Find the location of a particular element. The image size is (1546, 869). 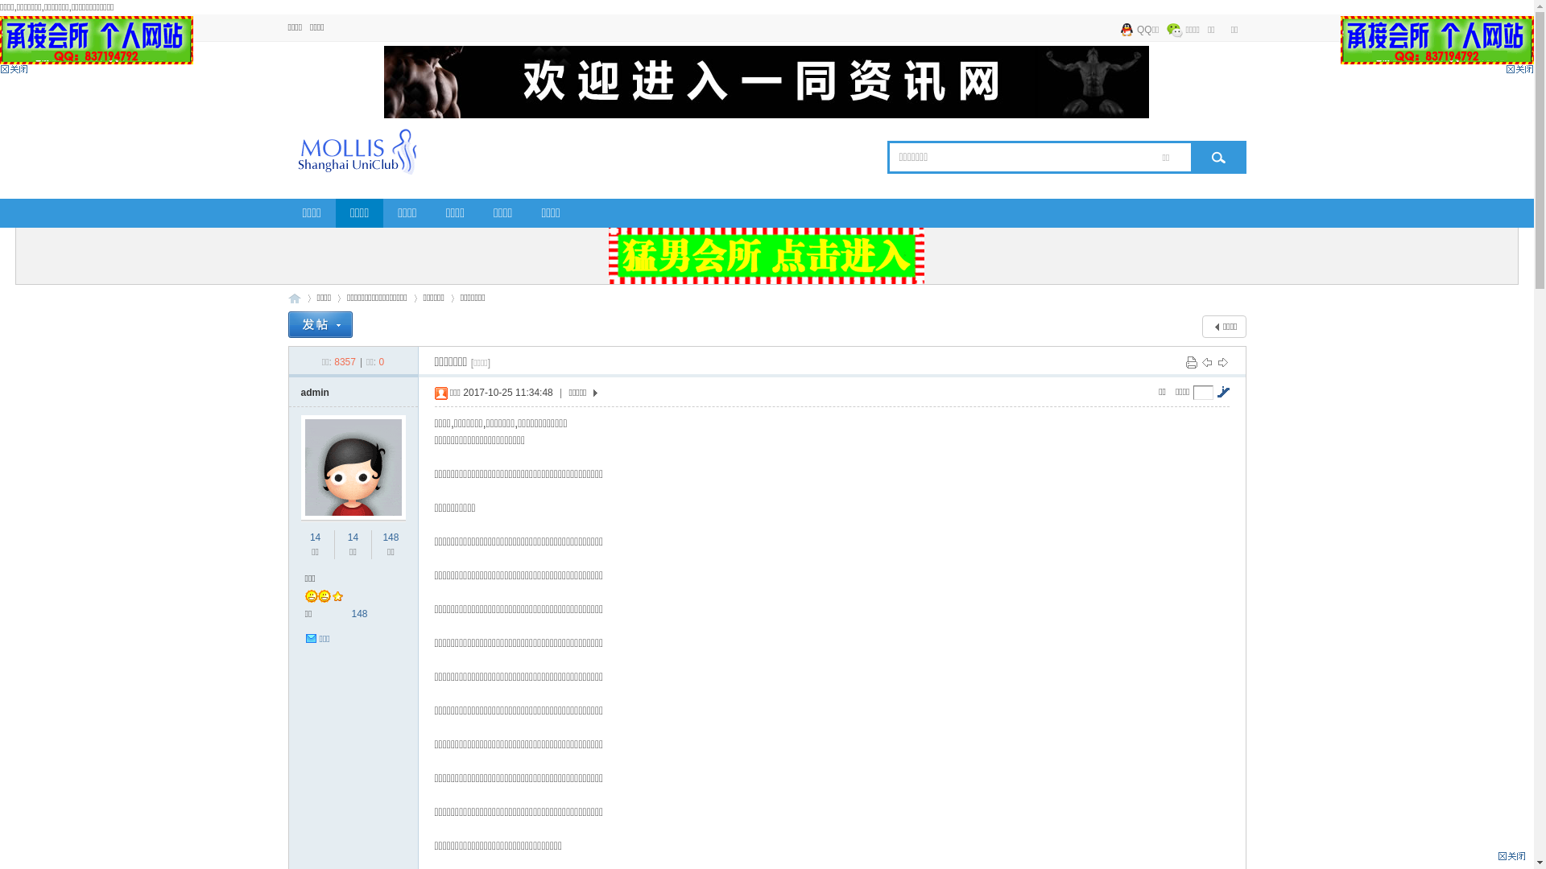

'148' is located at coordinates (350, 614).